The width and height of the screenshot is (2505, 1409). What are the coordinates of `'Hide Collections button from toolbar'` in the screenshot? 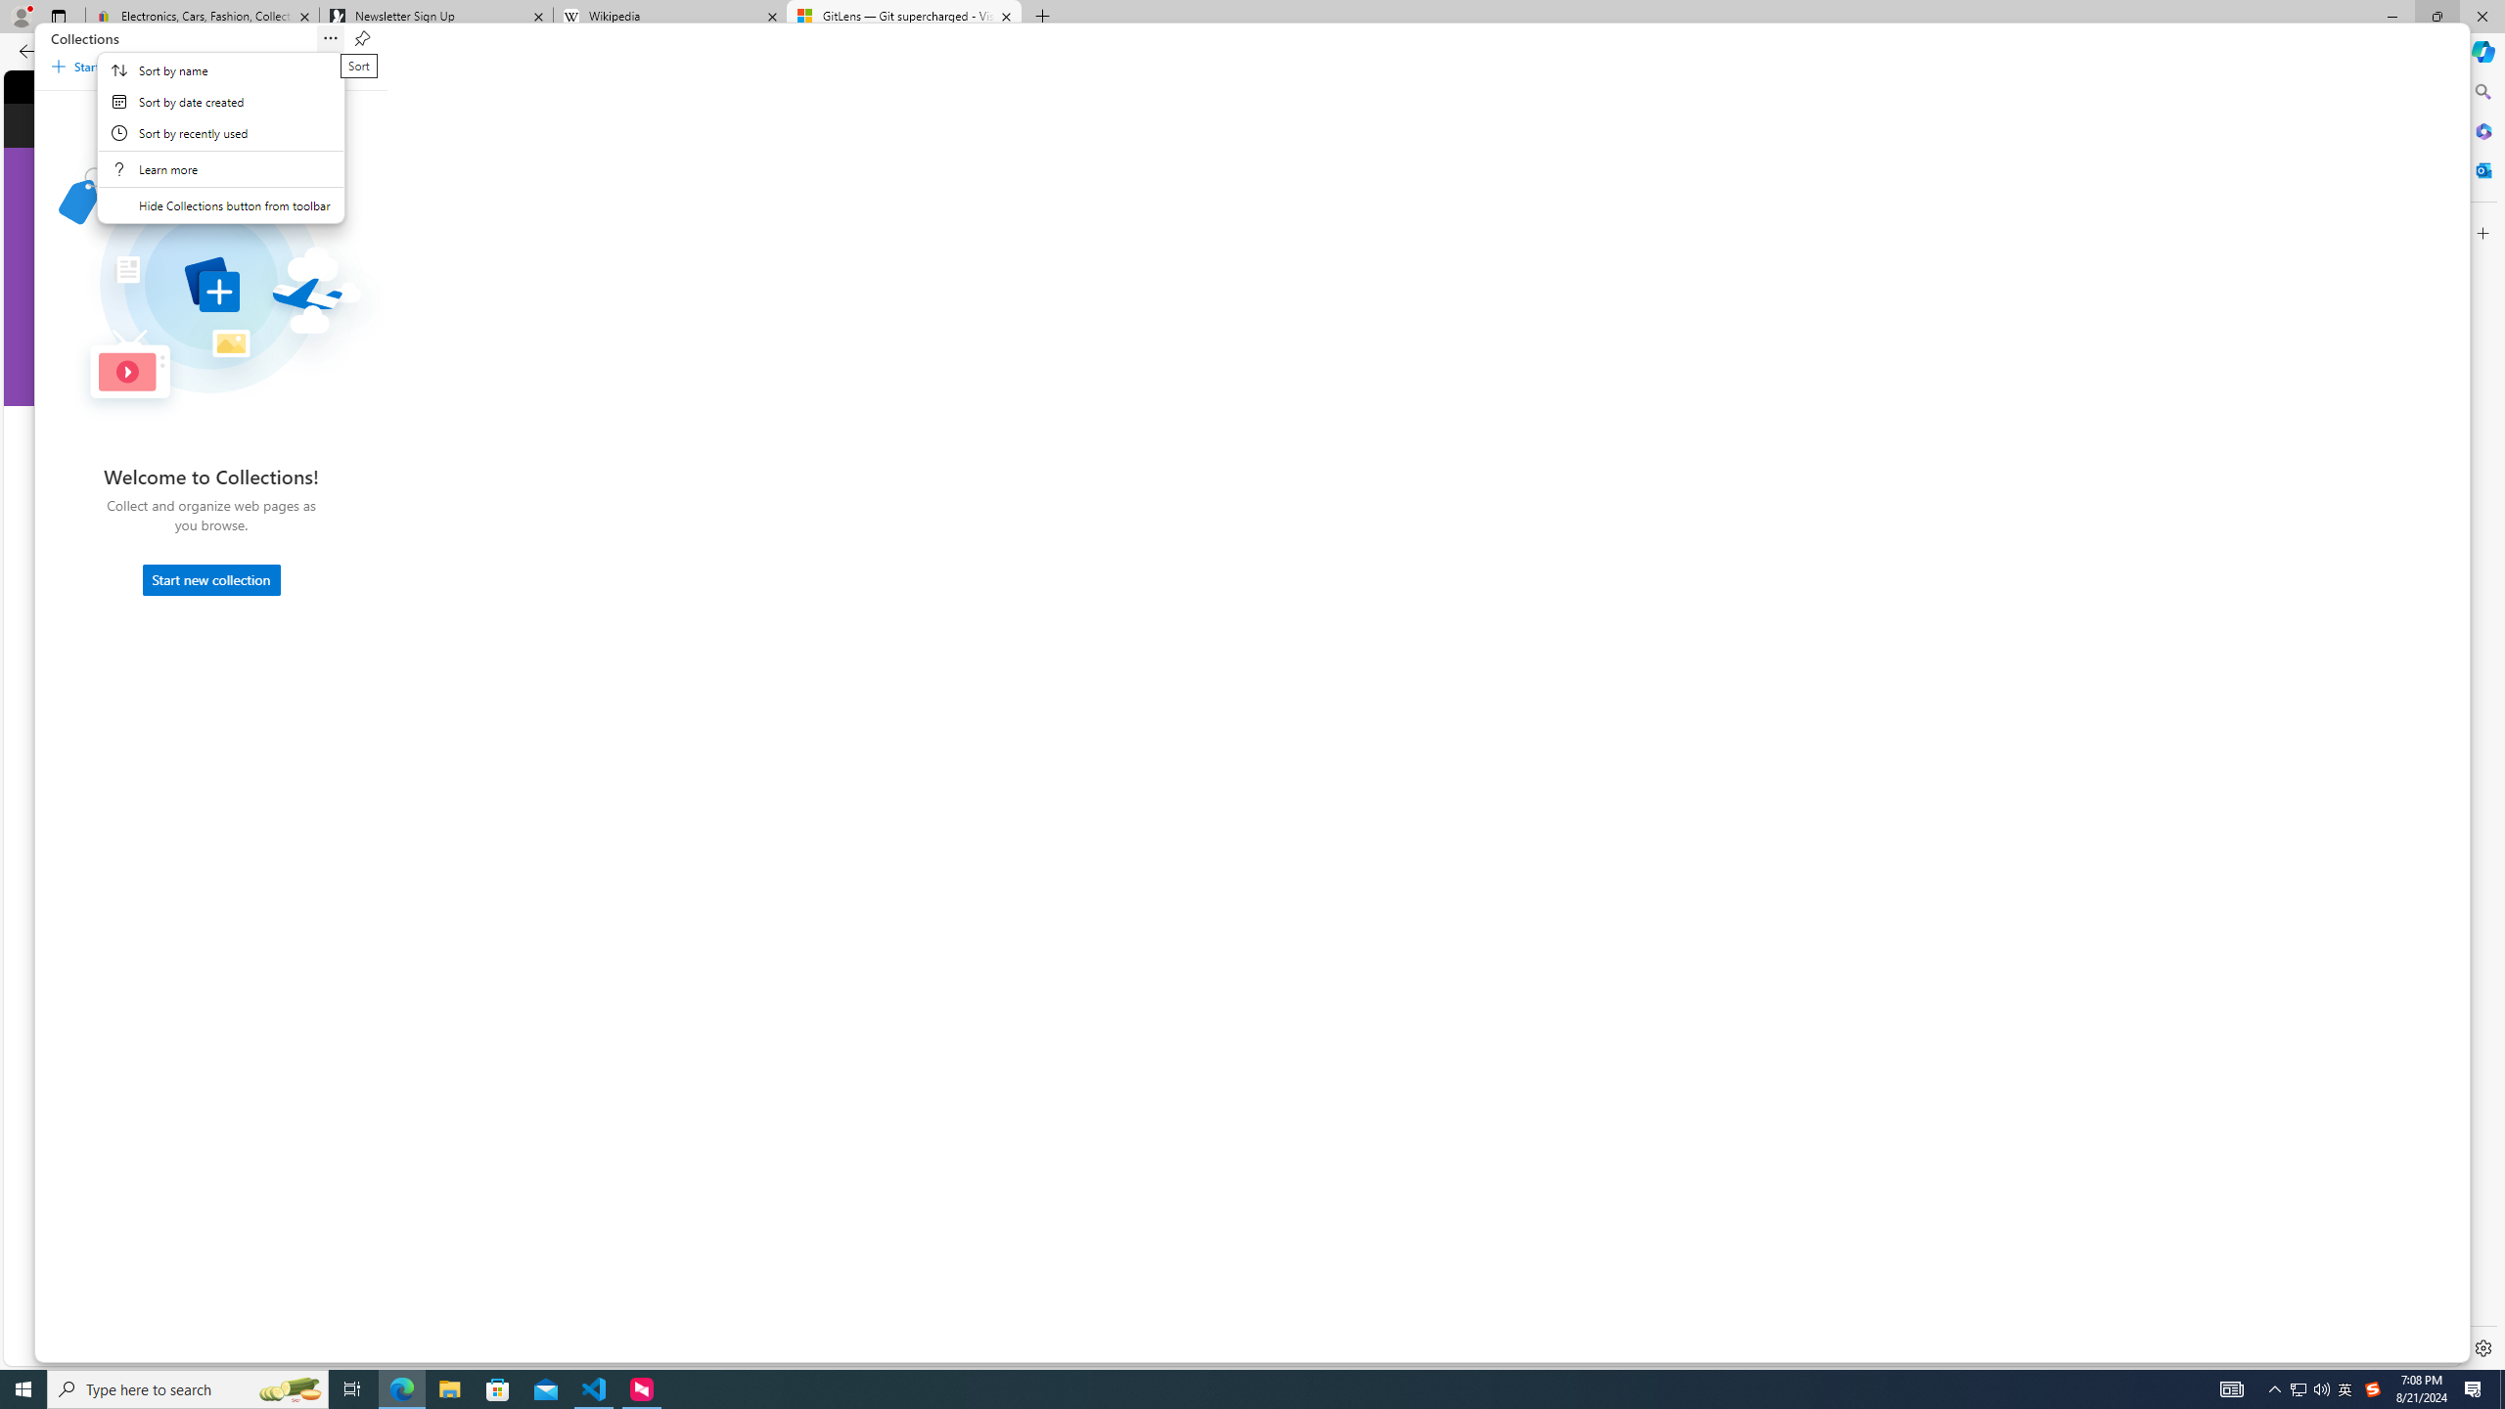 It's located at (220, 205).